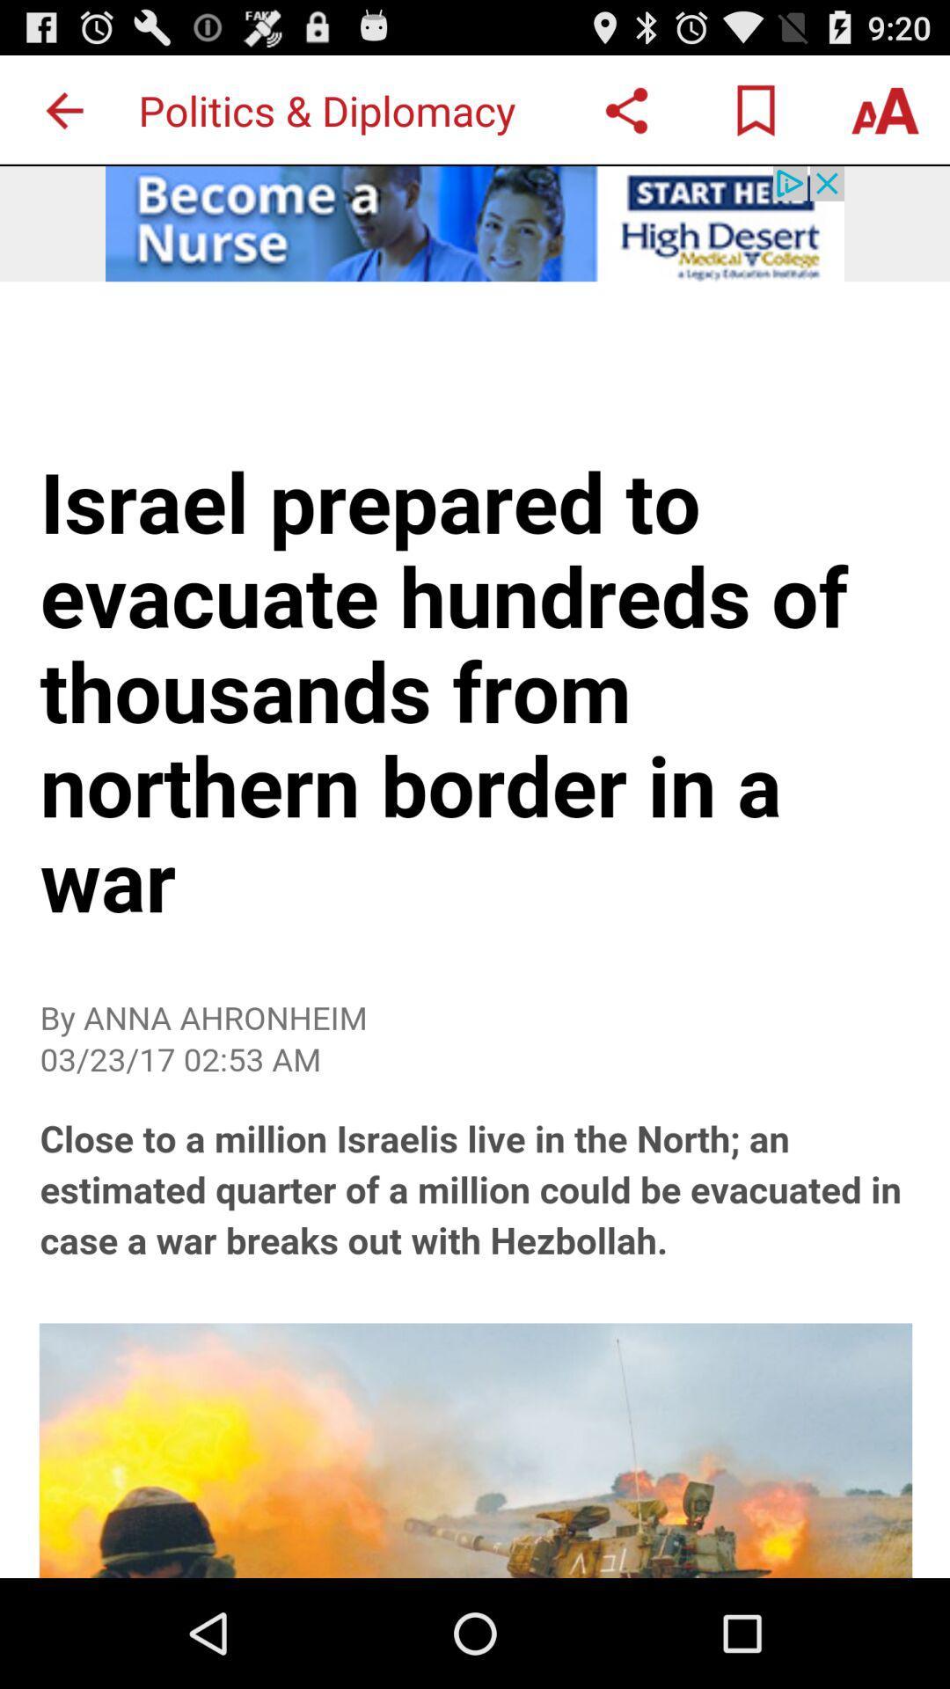 The height and width of the screenshot is (1689, 950). Describe the element at coordinates (885, 109) in the screenshot. I see `change text` at that location.